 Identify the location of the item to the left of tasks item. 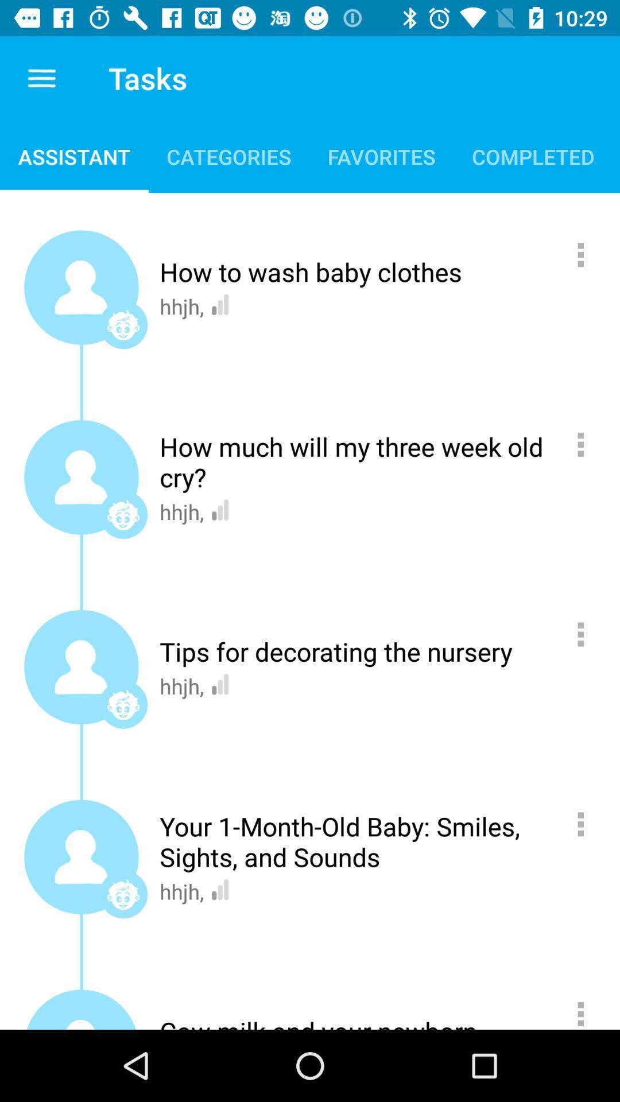
(41, 77).